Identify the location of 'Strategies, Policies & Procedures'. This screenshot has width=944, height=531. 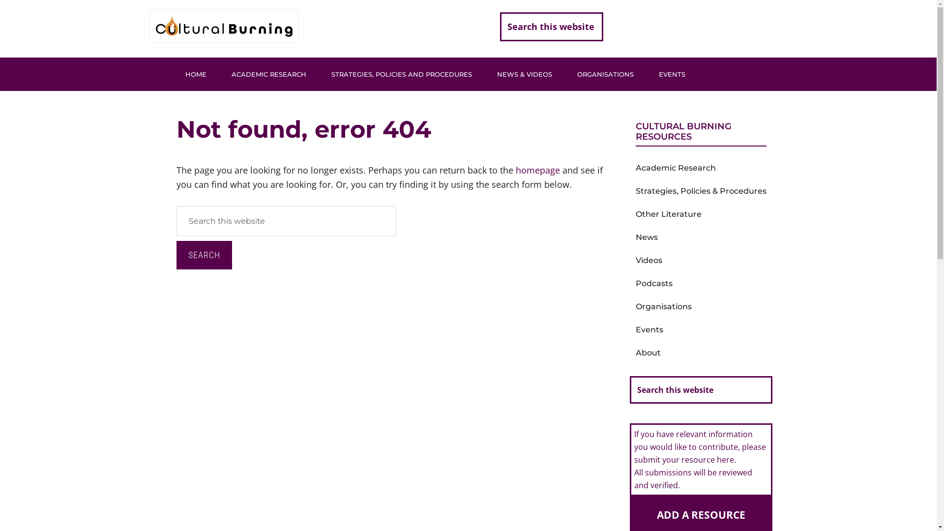
(700, 191).